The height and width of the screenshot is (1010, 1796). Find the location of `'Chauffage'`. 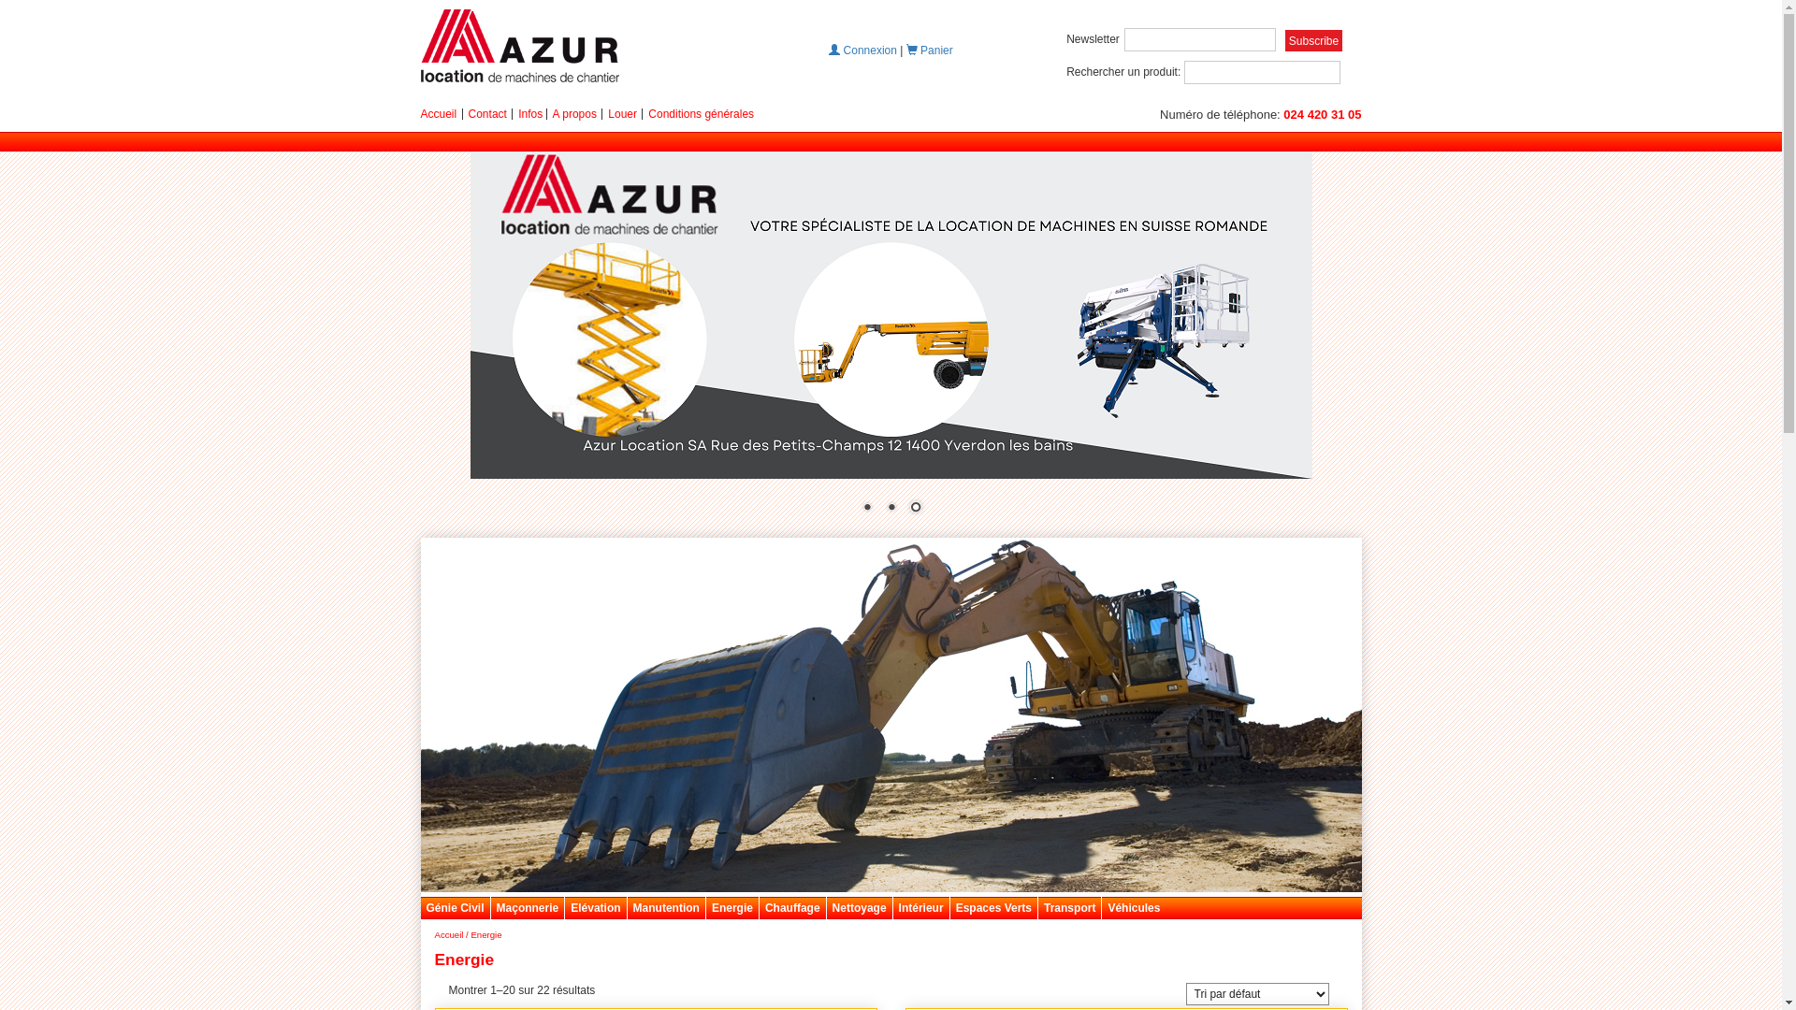

'Chauffage' is located at coordinates (759, 908).